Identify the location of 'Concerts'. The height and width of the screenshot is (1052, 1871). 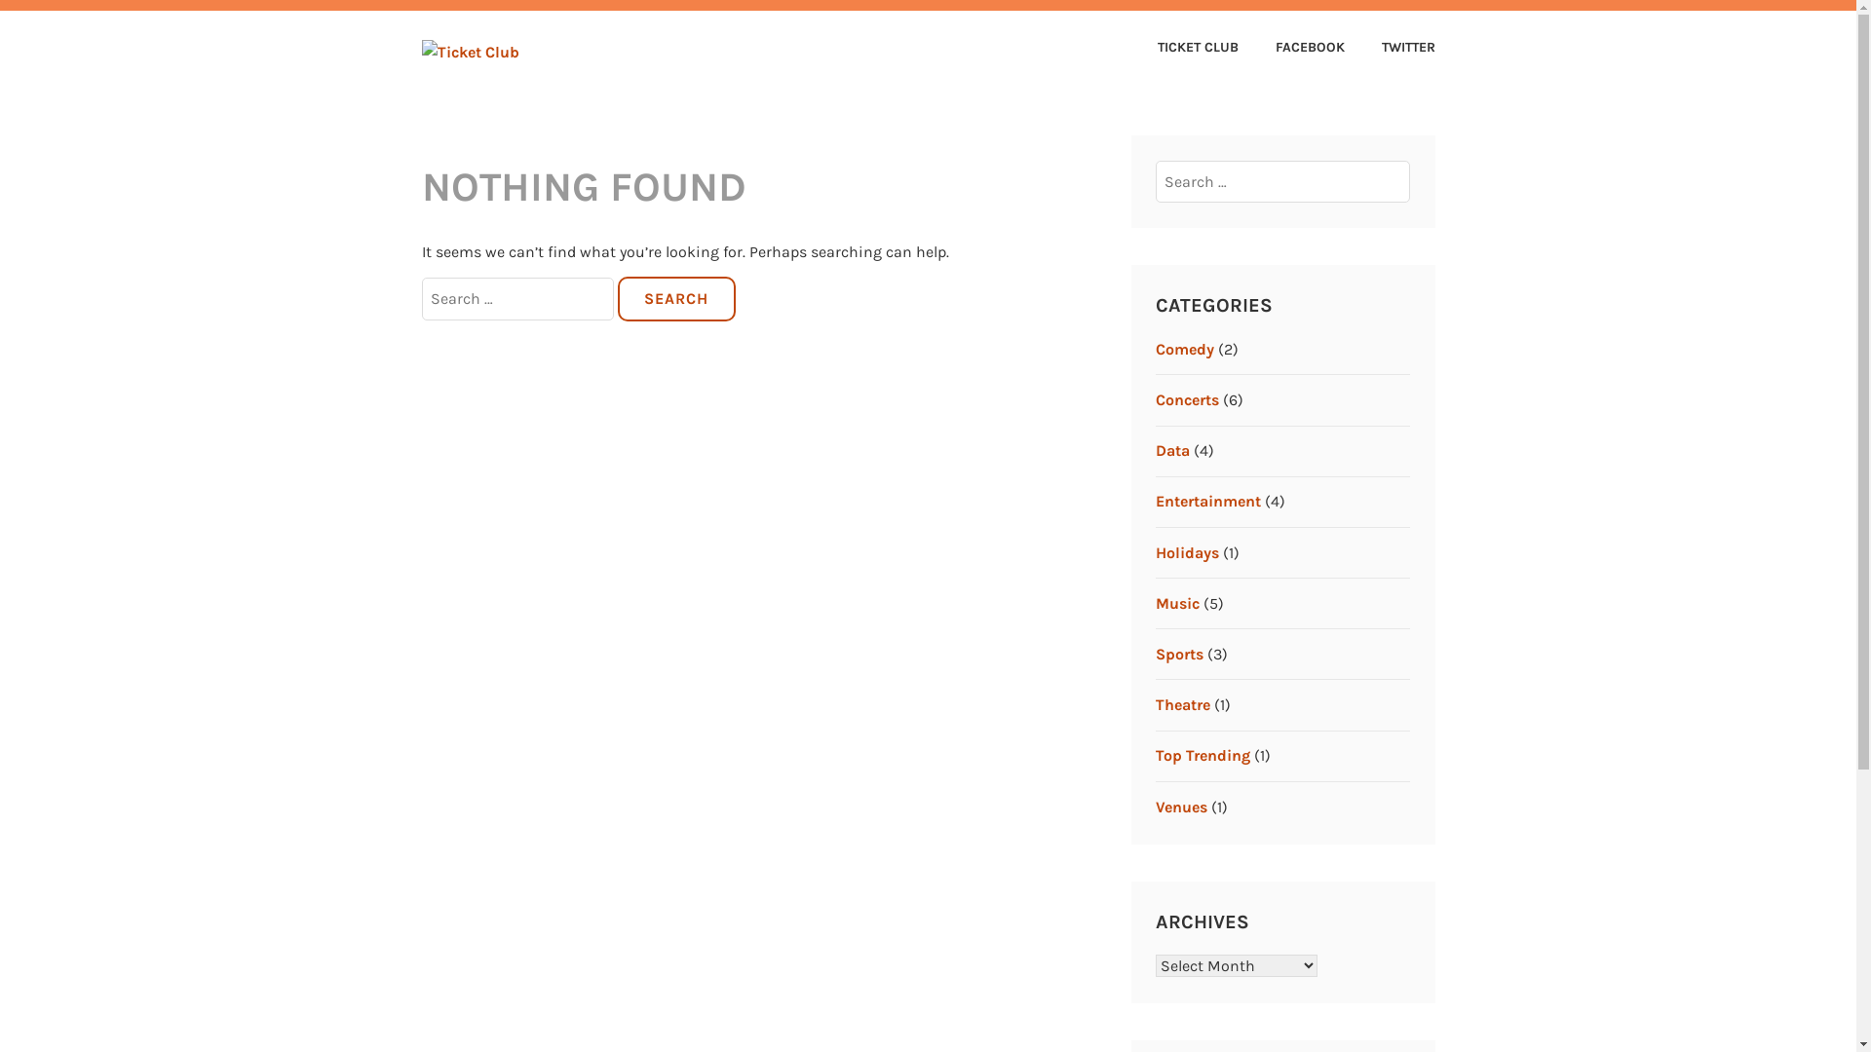
(1186, 398).